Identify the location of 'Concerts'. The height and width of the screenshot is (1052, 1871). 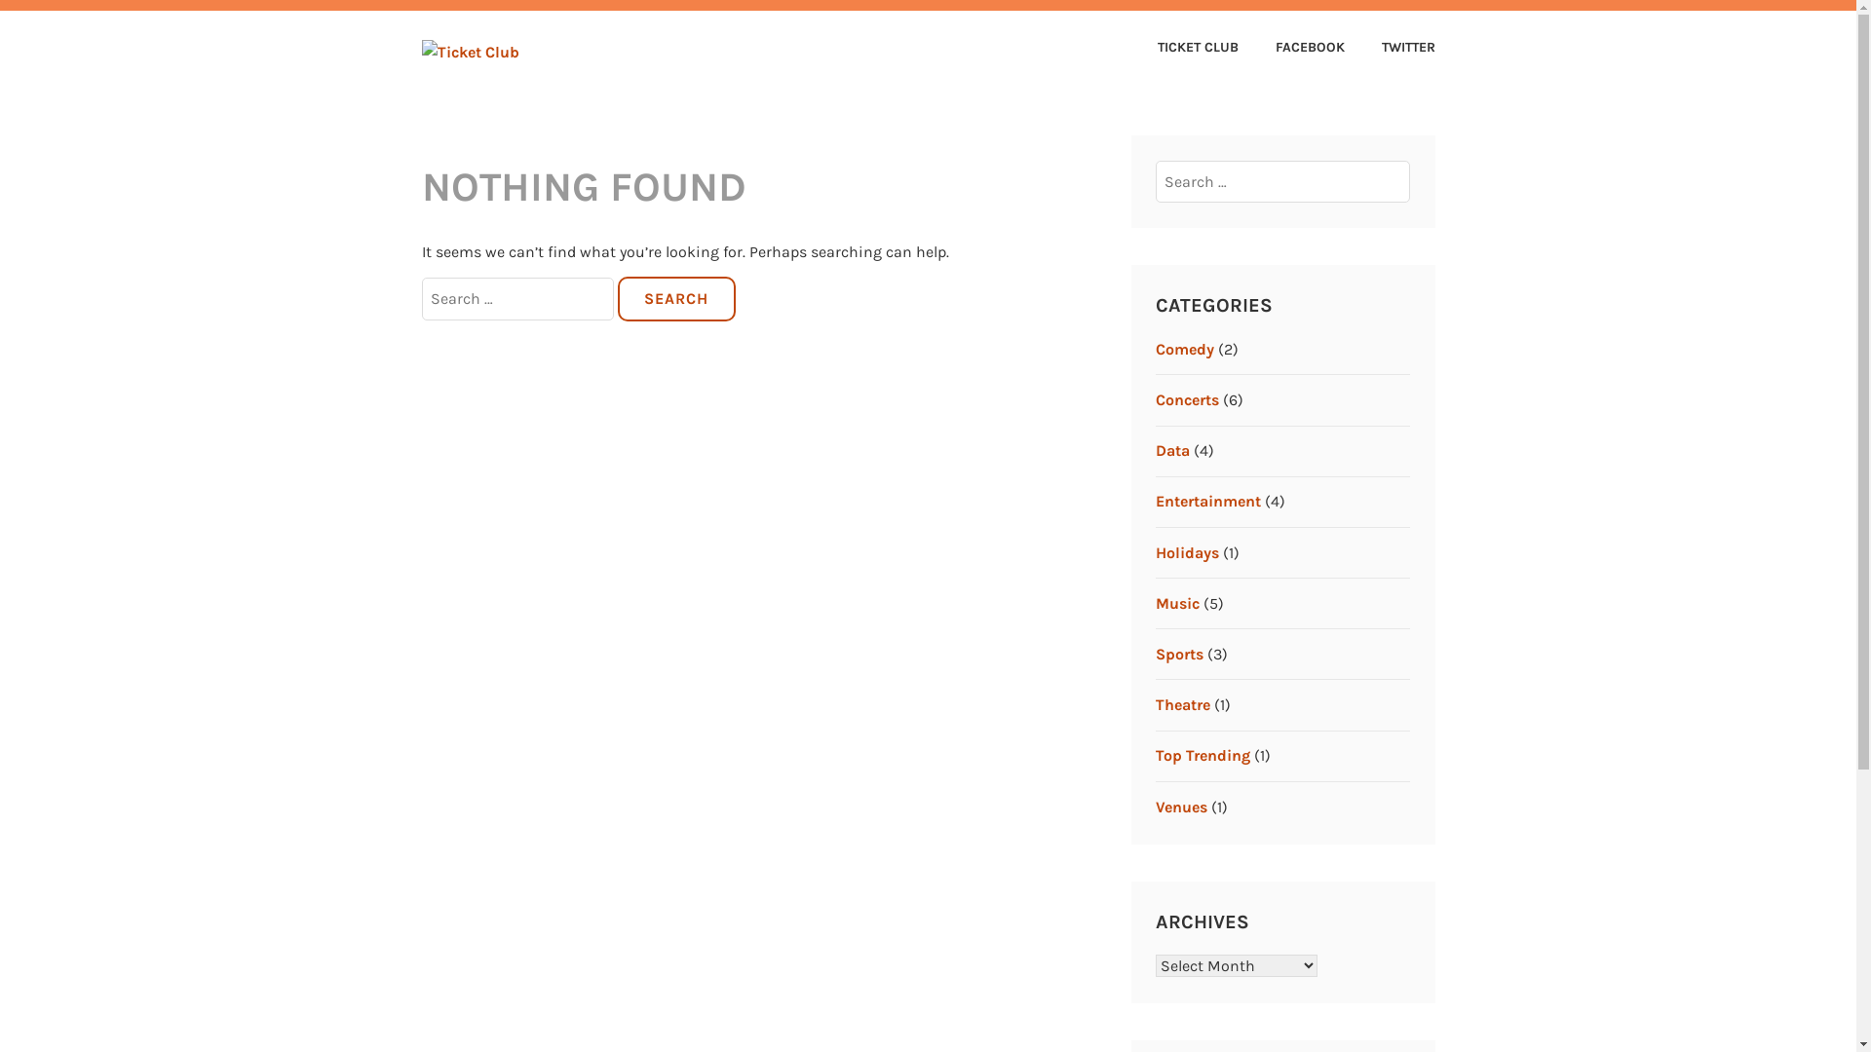
(1186, 398).